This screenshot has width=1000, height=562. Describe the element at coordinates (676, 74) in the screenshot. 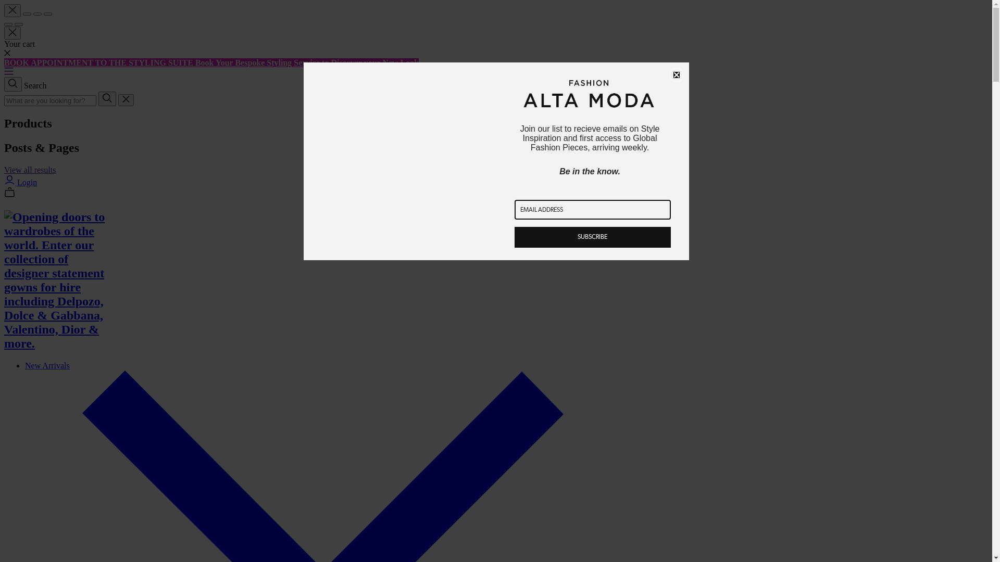

I see `'Close'` at that location.